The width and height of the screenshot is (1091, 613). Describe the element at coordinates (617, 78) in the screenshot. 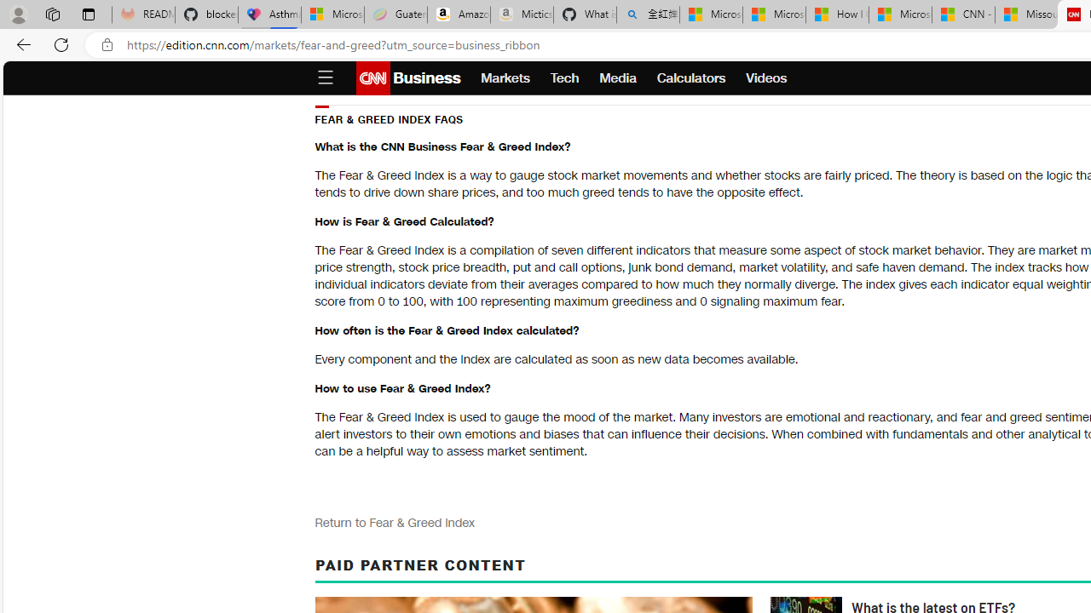

I see `'Media'` at that location.